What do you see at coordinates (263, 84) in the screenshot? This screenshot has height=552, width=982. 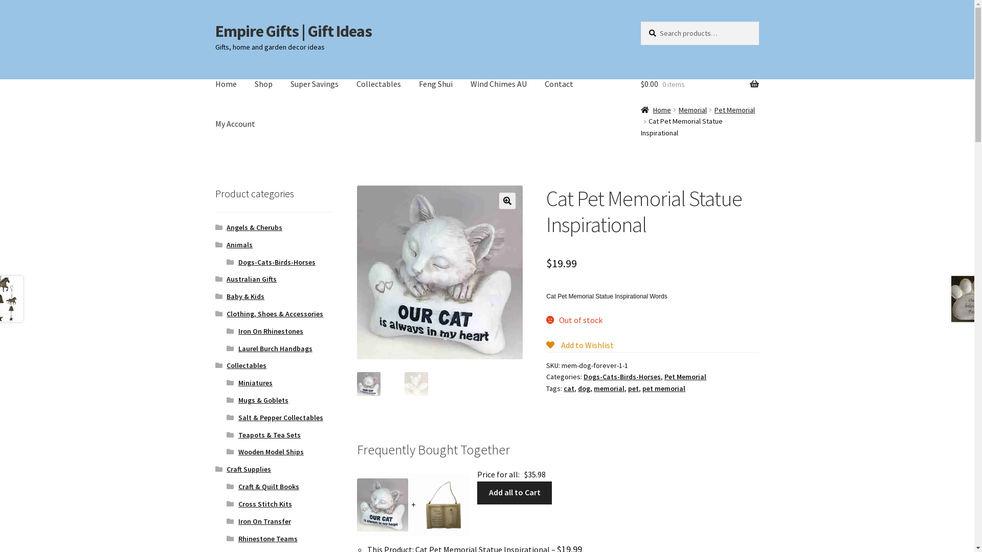 I see `'Shop'` at bounding box center [263, 84].